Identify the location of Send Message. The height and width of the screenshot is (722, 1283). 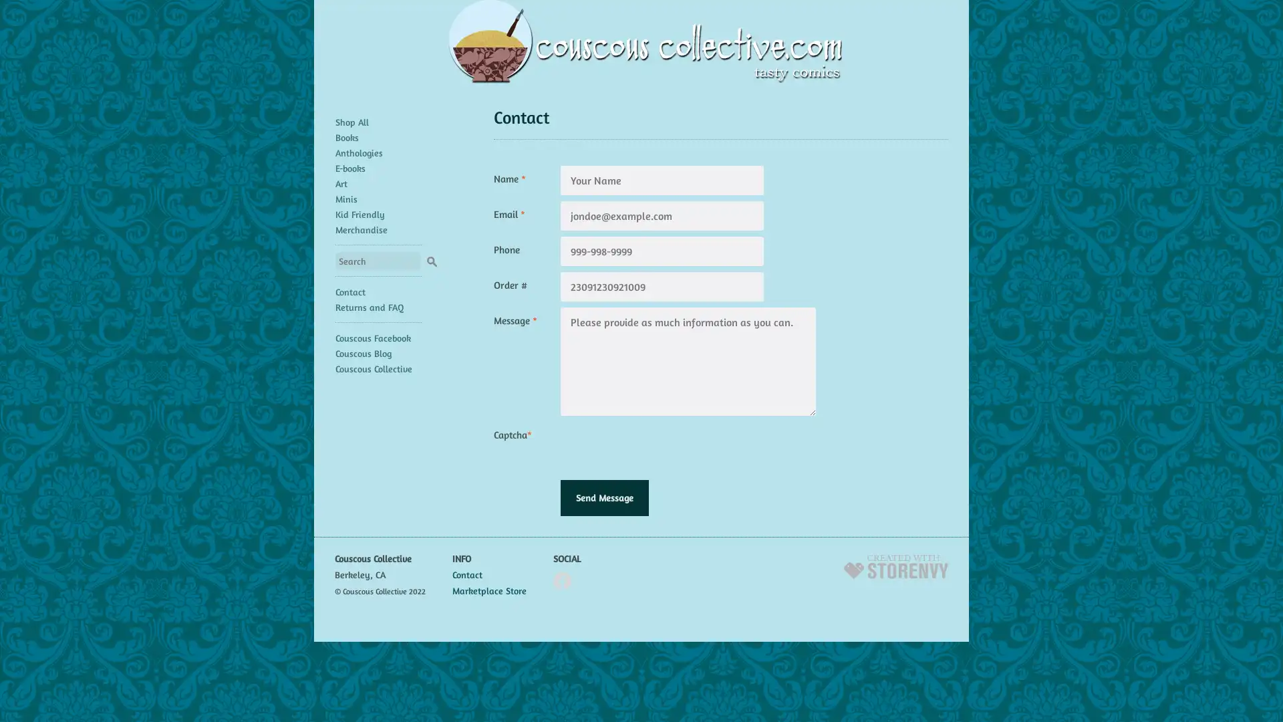
(603, 497).